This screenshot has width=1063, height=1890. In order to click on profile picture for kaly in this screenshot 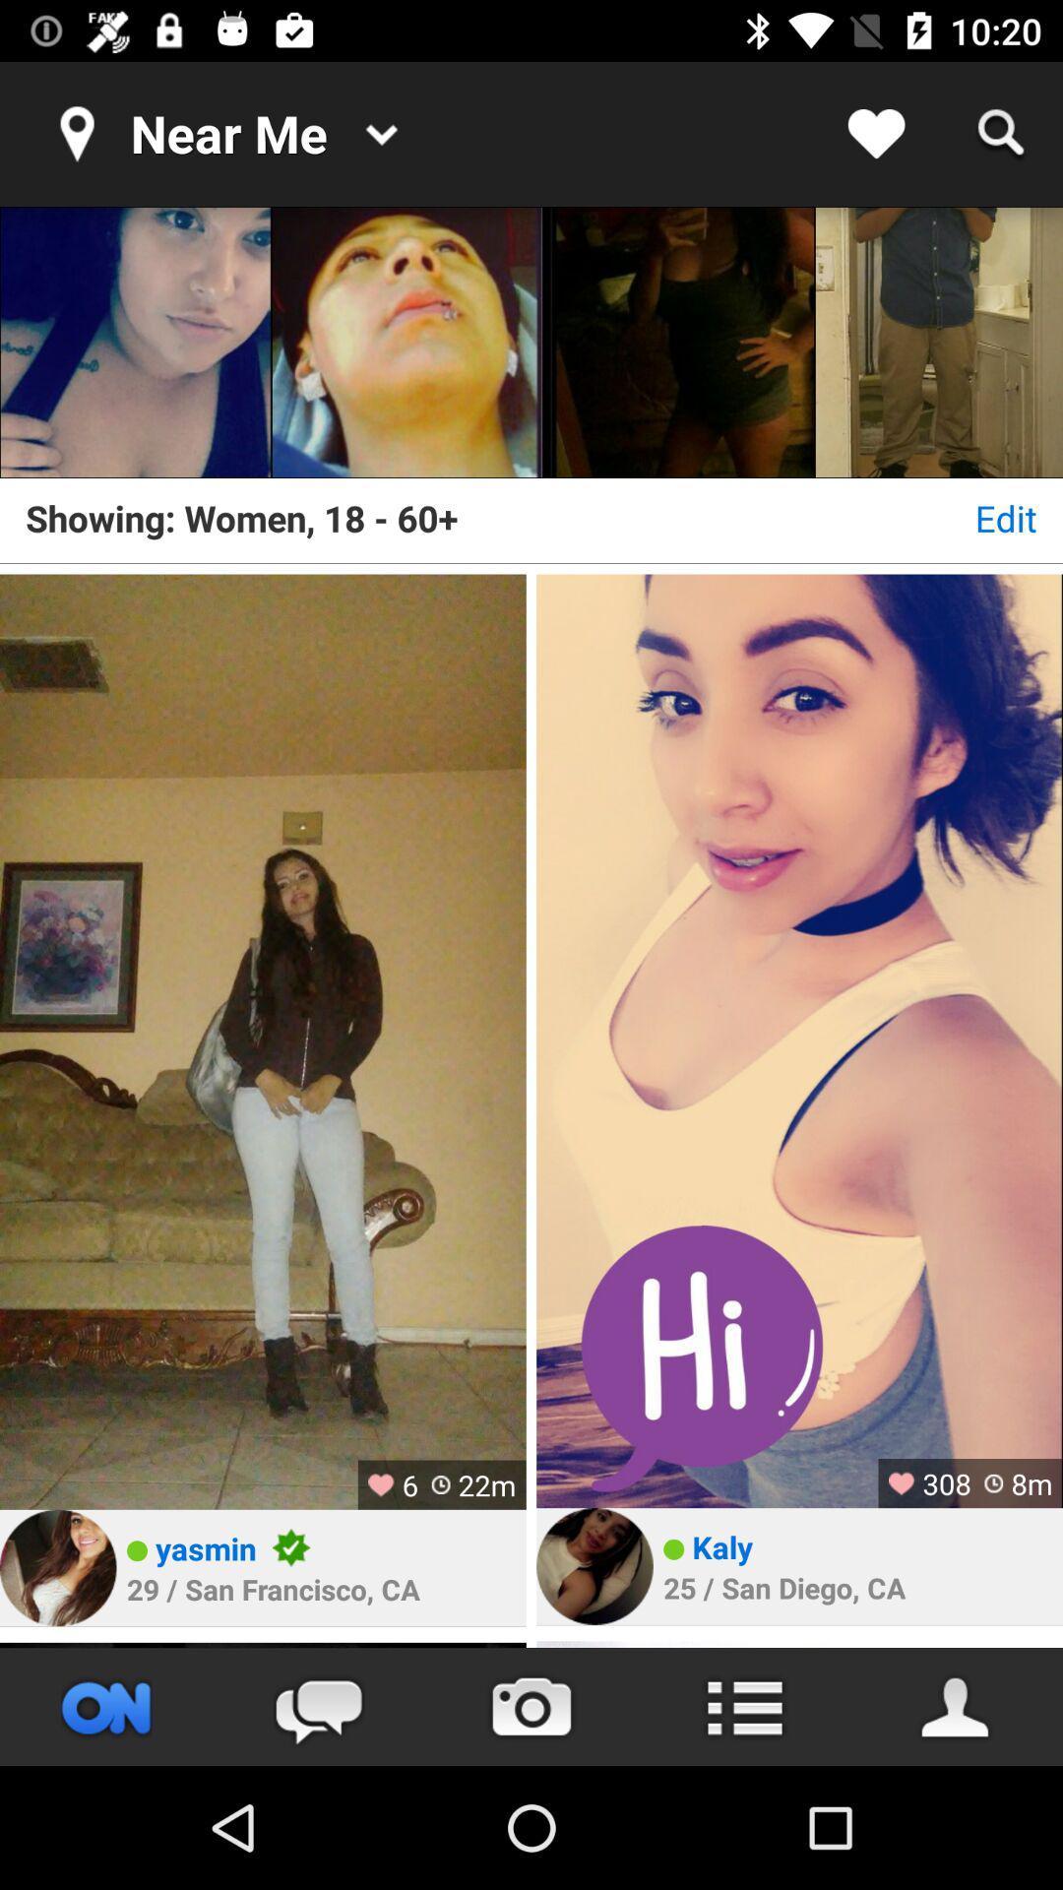, I will do `click(594, 1565)`.